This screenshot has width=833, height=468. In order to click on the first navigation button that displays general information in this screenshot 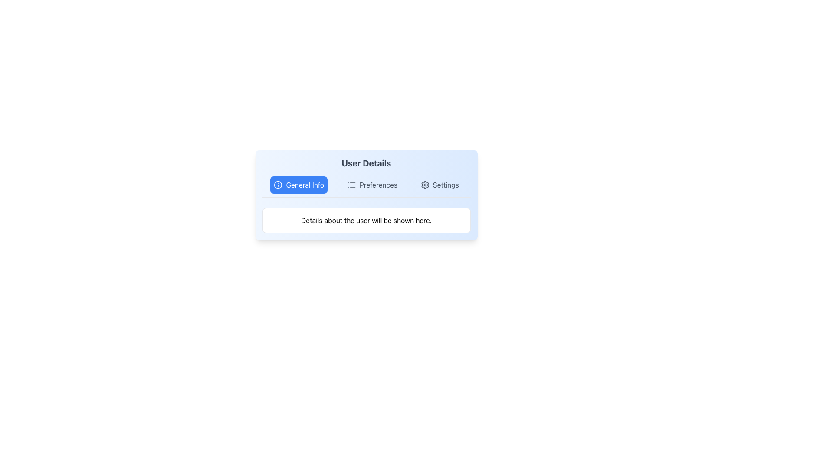, I will do `click(299, 185)`.